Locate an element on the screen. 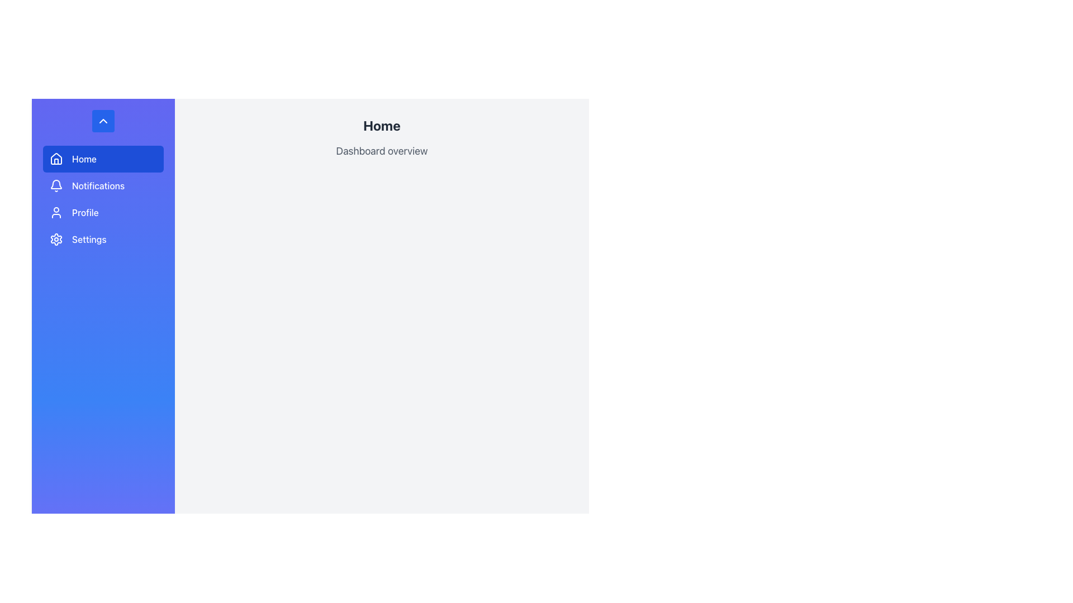 The width and height of the screenshot is (1073, 603). the collapse button located at the top of the navigation panel is located at coordinates (103, 121).